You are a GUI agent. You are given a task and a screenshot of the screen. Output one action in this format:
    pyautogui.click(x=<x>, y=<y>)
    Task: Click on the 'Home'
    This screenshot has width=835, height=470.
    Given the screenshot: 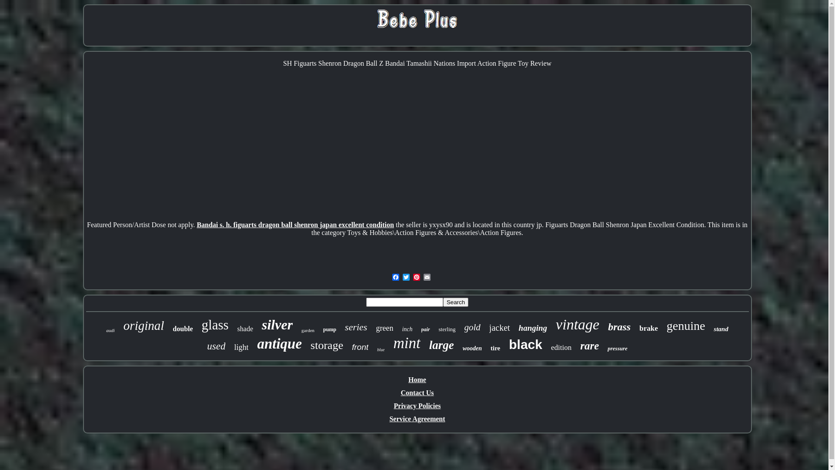 What is the action you would take?
    pyautogui.click(x=417, y=379)
    